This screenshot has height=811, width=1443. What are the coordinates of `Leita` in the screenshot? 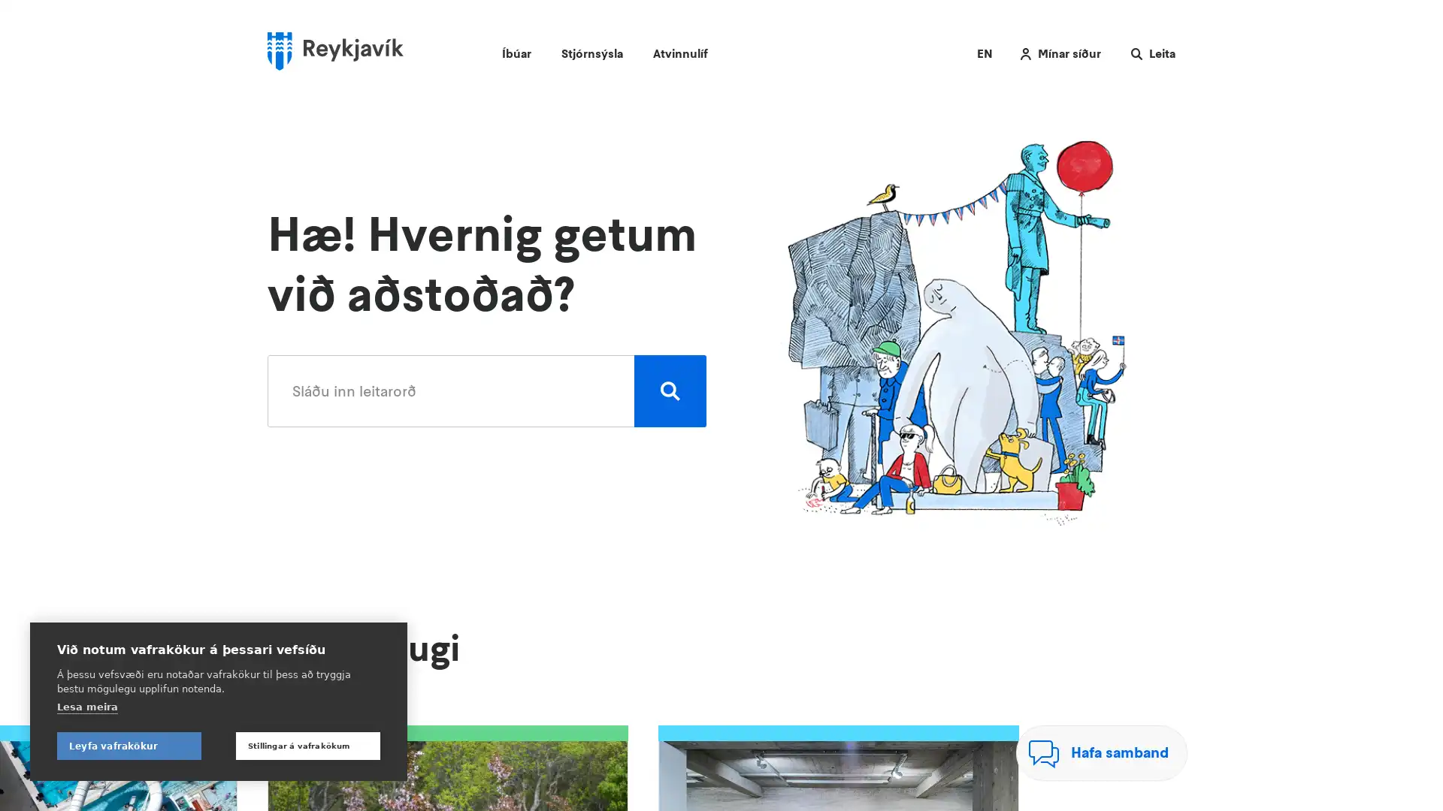 It's located at (670, 390).